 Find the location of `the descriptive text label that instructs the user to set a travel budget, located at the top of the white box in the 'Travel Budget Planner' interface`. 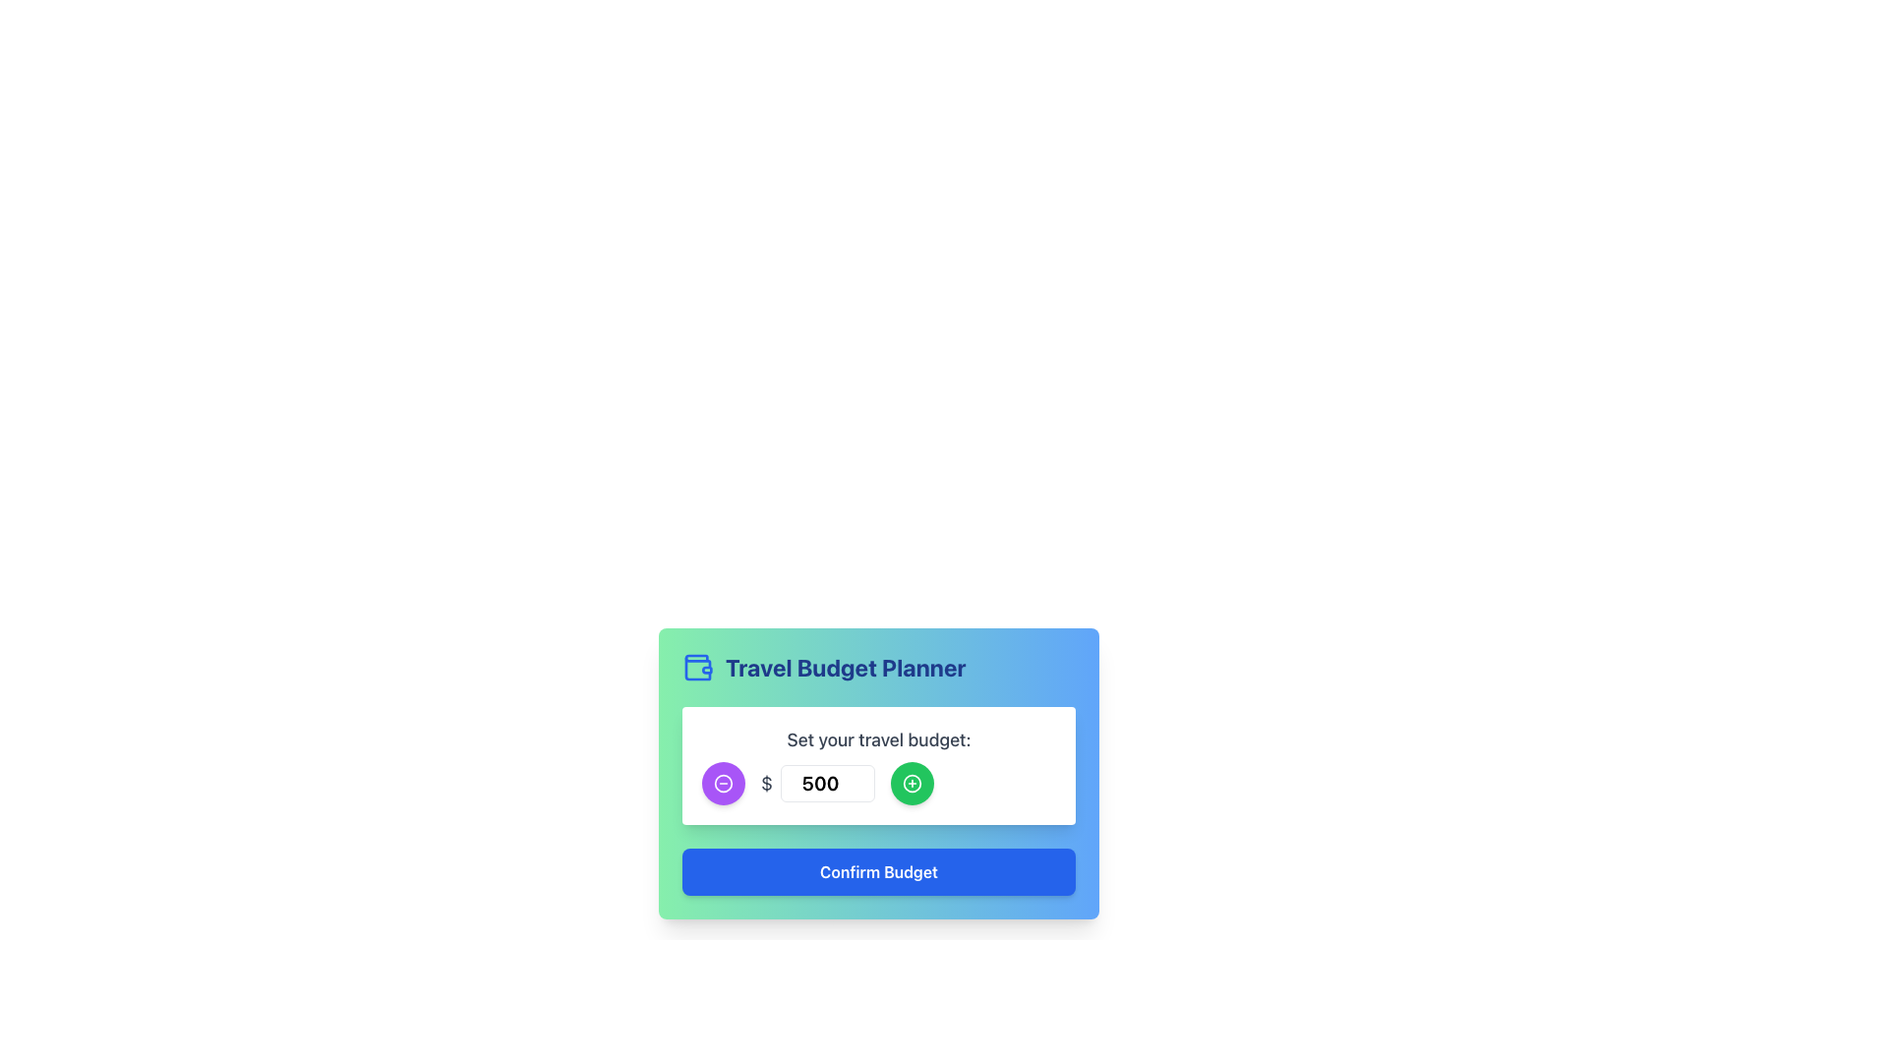

the descriptive text label that instructs the user to set a travel budget, located at the top of the white box in the 'Travel Budget Planner' interface is located at coordinates (877, 739).